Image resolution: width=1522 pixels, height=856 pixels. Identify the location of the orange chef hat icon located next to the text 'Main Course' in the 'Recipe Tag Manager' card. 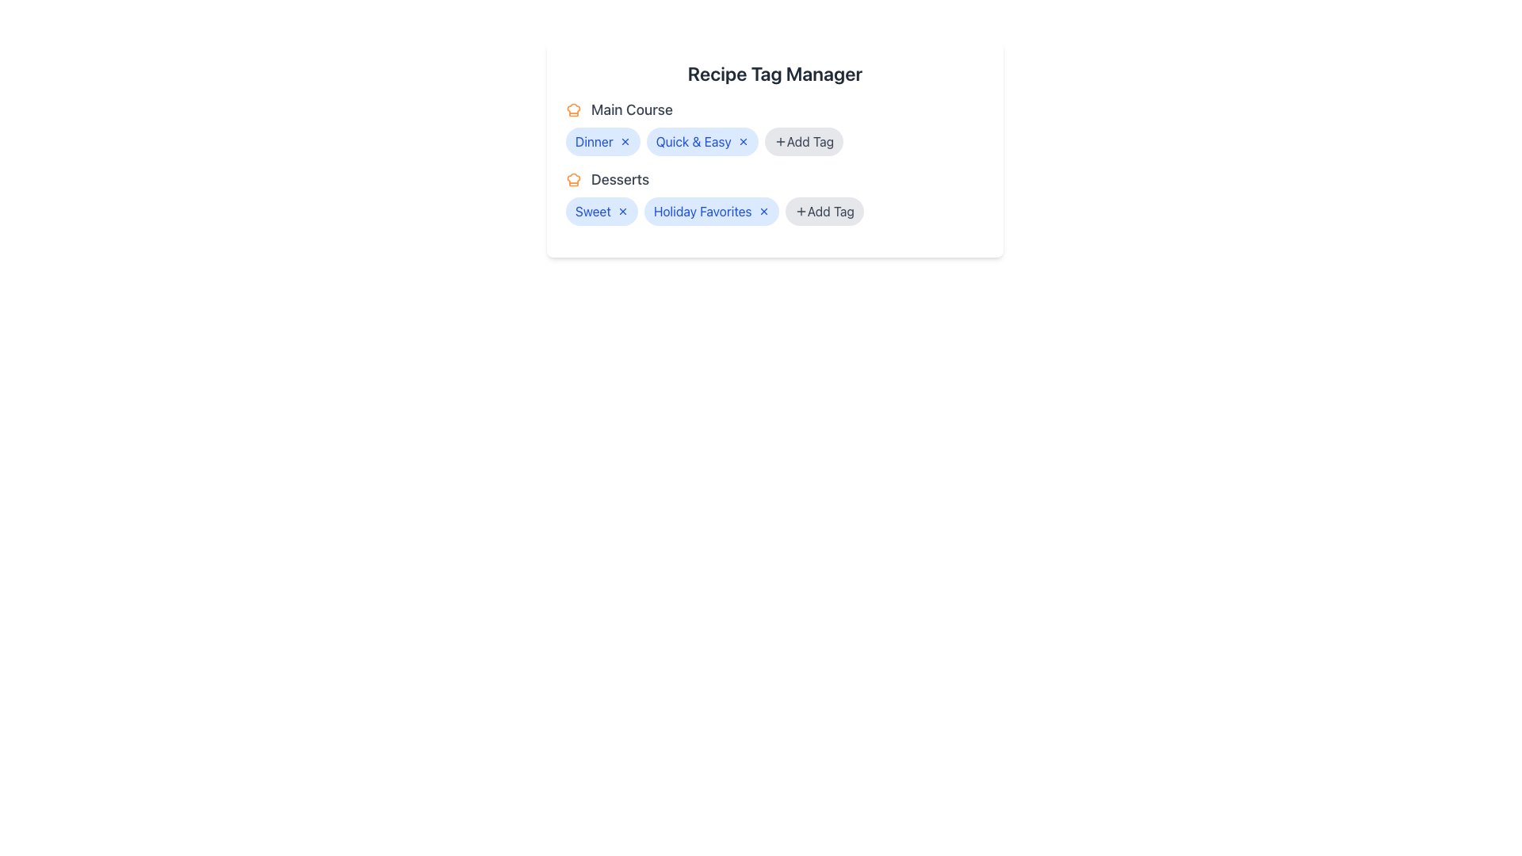
(573, 109).